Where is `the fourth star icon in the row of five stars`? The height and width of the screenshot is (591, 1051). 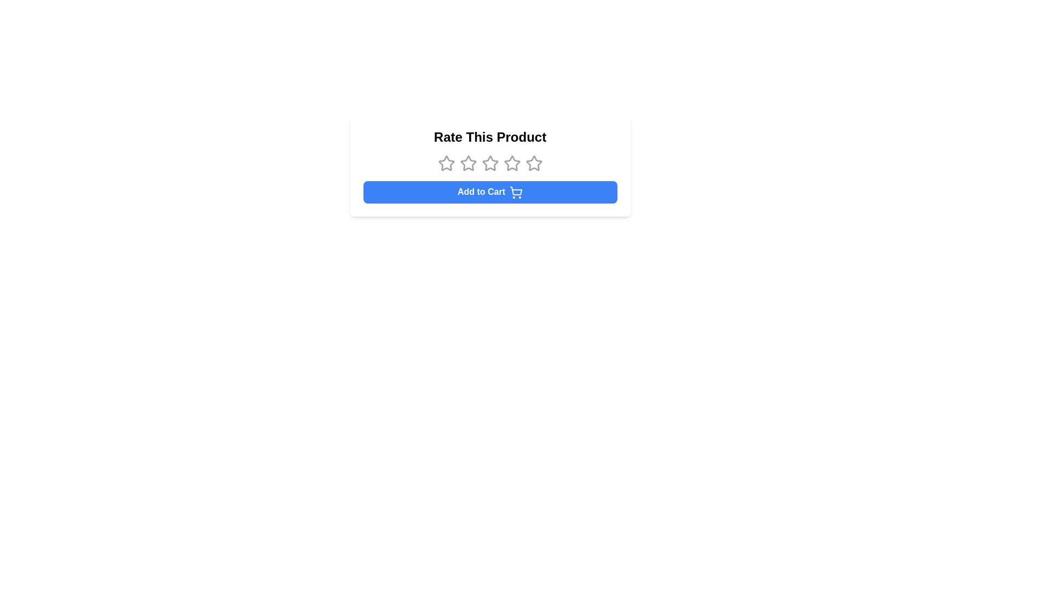
the fourth star icon in the row of five stars is located at coordinates (511, 163).